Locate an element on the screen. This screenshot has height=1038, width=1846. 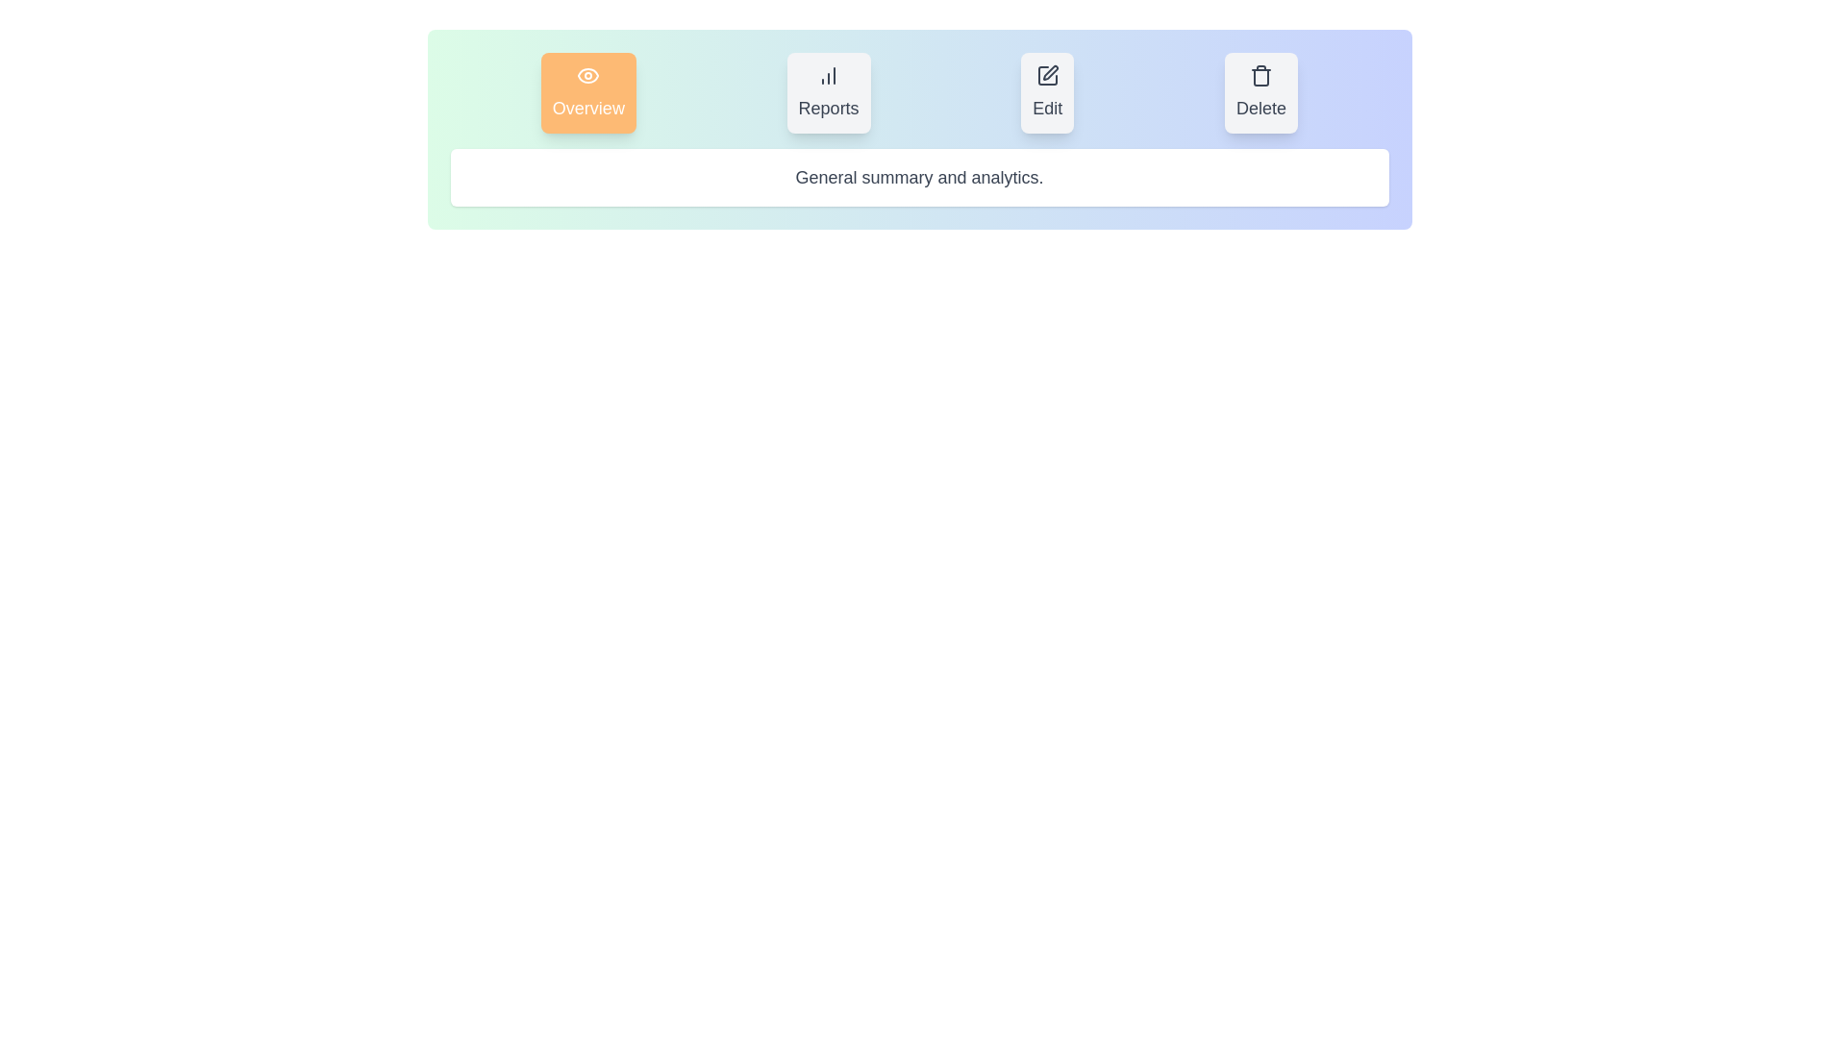
the Edit tab to view its content is located at coordinates (1046, 92).